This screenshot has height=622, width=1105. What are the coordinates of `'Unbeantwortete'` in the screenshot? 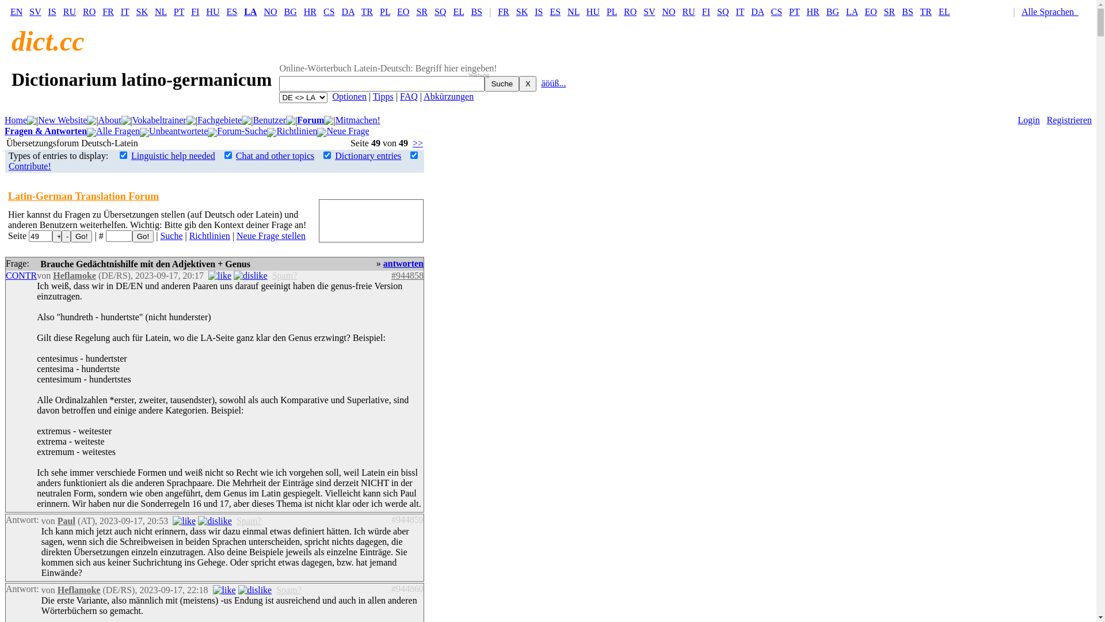 It's located at (178, 130).